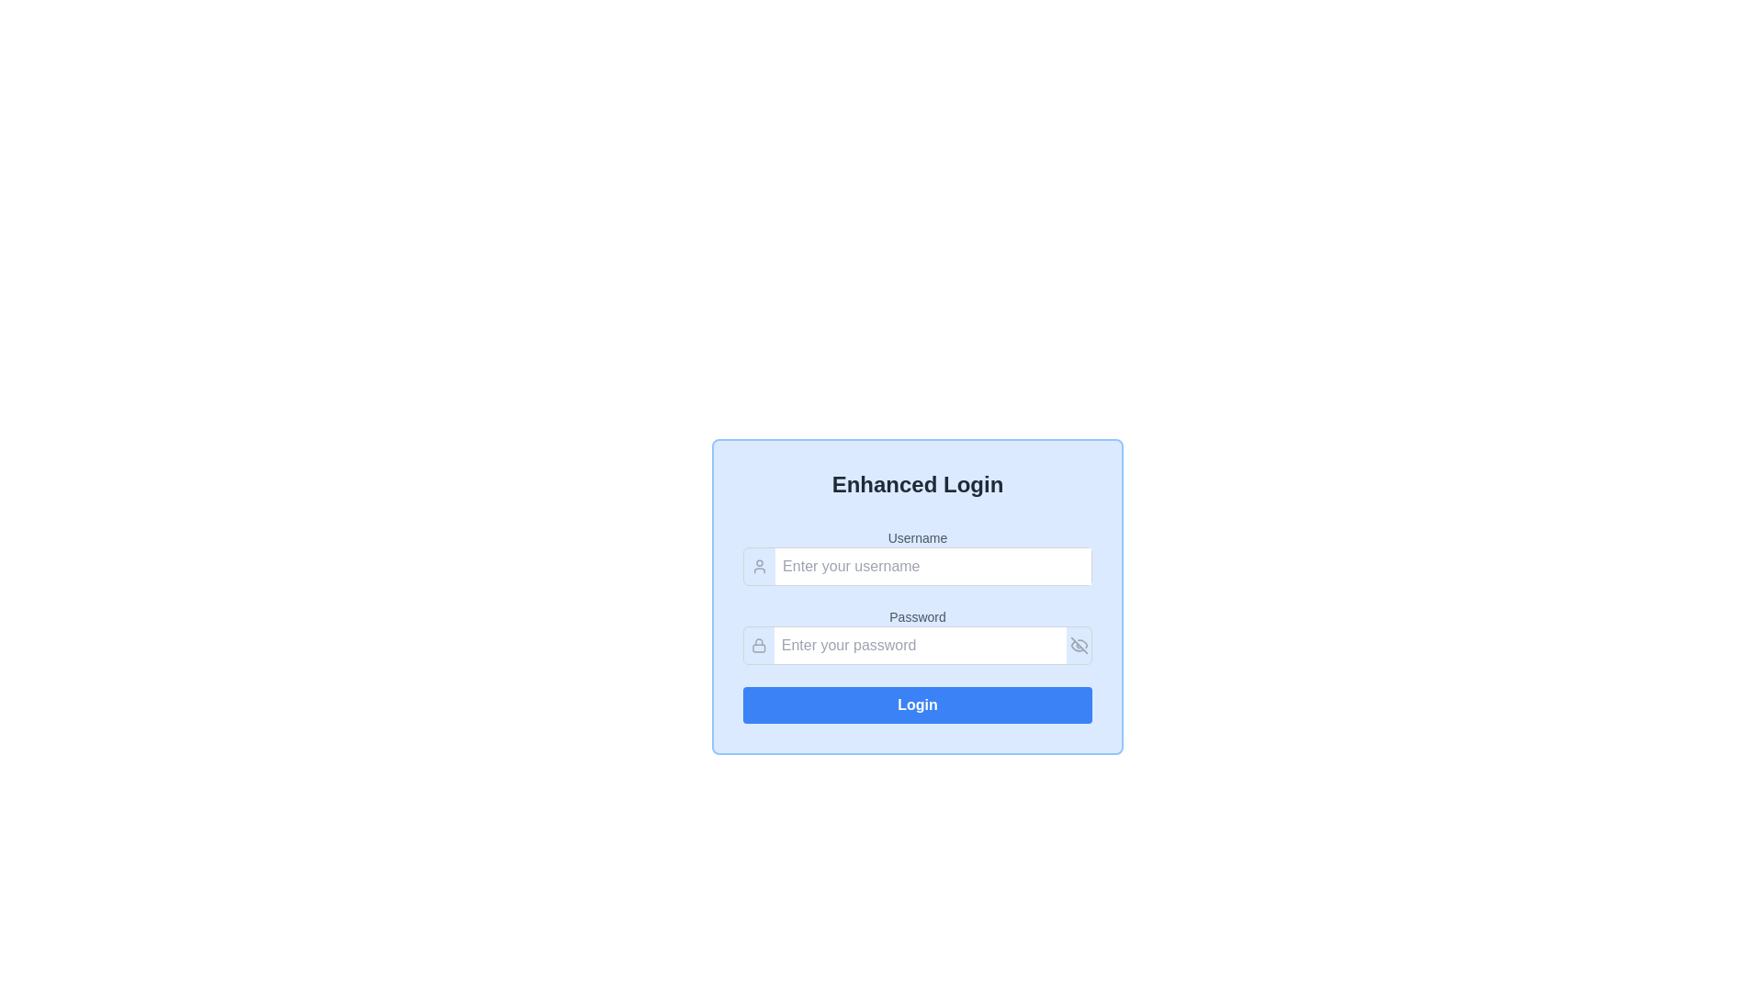  Describe the element at coordinates (1079, 644) in the screenshot. I see `the diagonal line of the strikethrough icon, which obscures or hides the password in the lower-right corner of the password input field in the login form` at that location.